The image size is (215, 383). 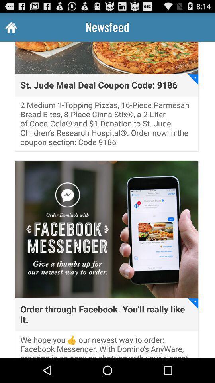 I want to click on item next to newsfeed icon, so click(x=10, y=27).